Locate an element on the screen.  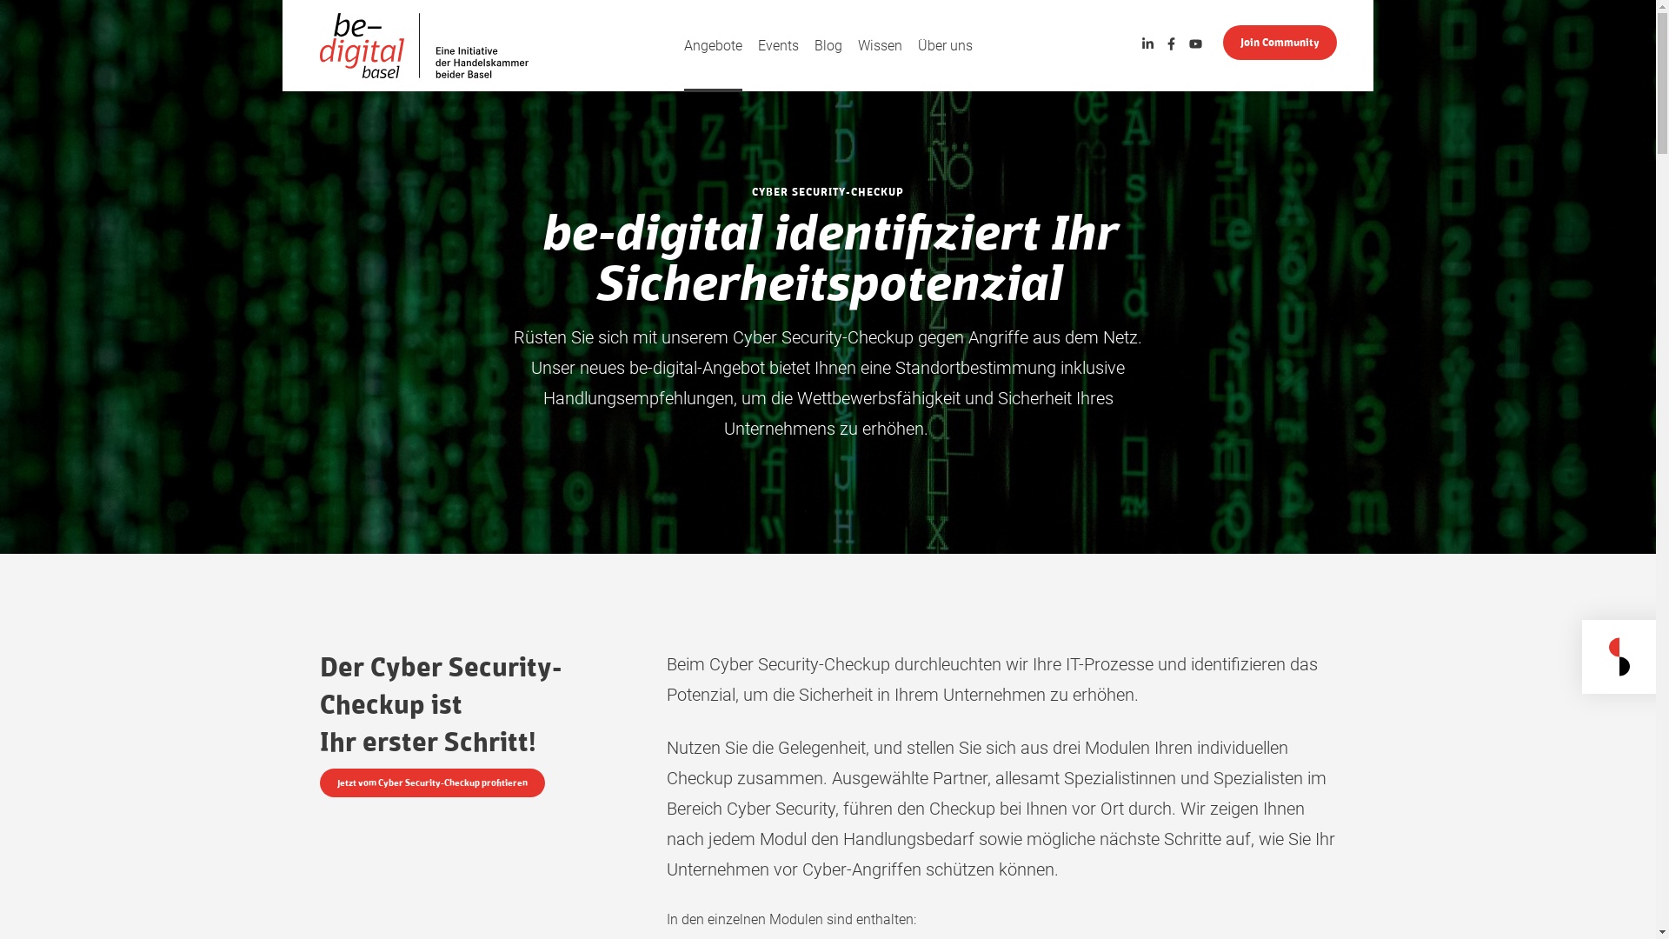
'Join Community' is located at coordinates (1279, 42).